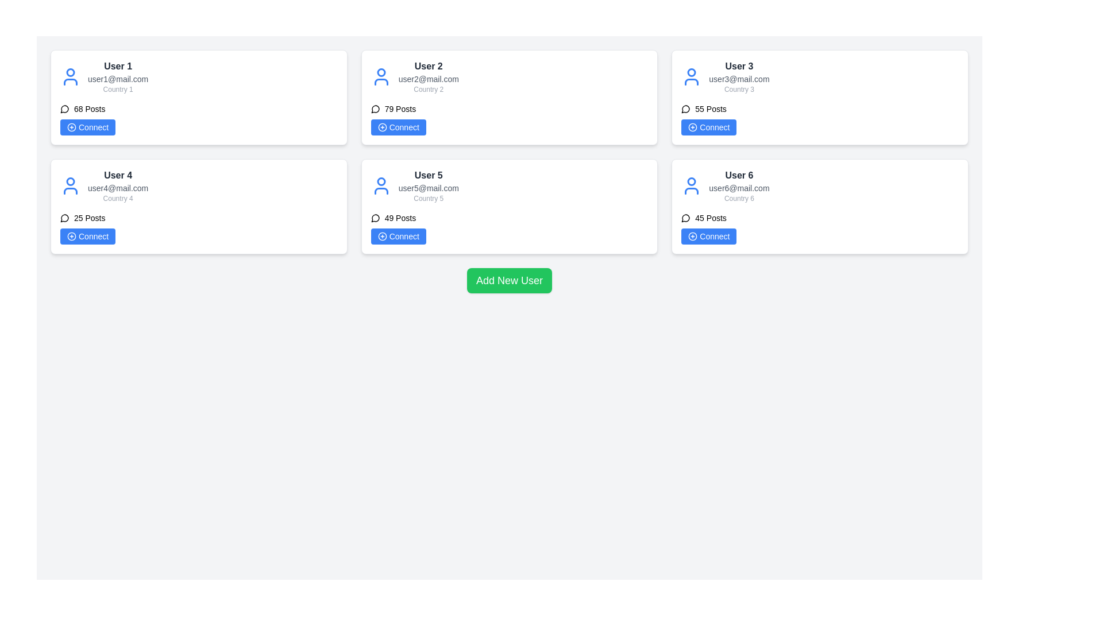 The image size is (1103, 620). I want to click on the user icon SVG representation located in the top-left card of the interface containing details of 'User 1', so click(70, 77).